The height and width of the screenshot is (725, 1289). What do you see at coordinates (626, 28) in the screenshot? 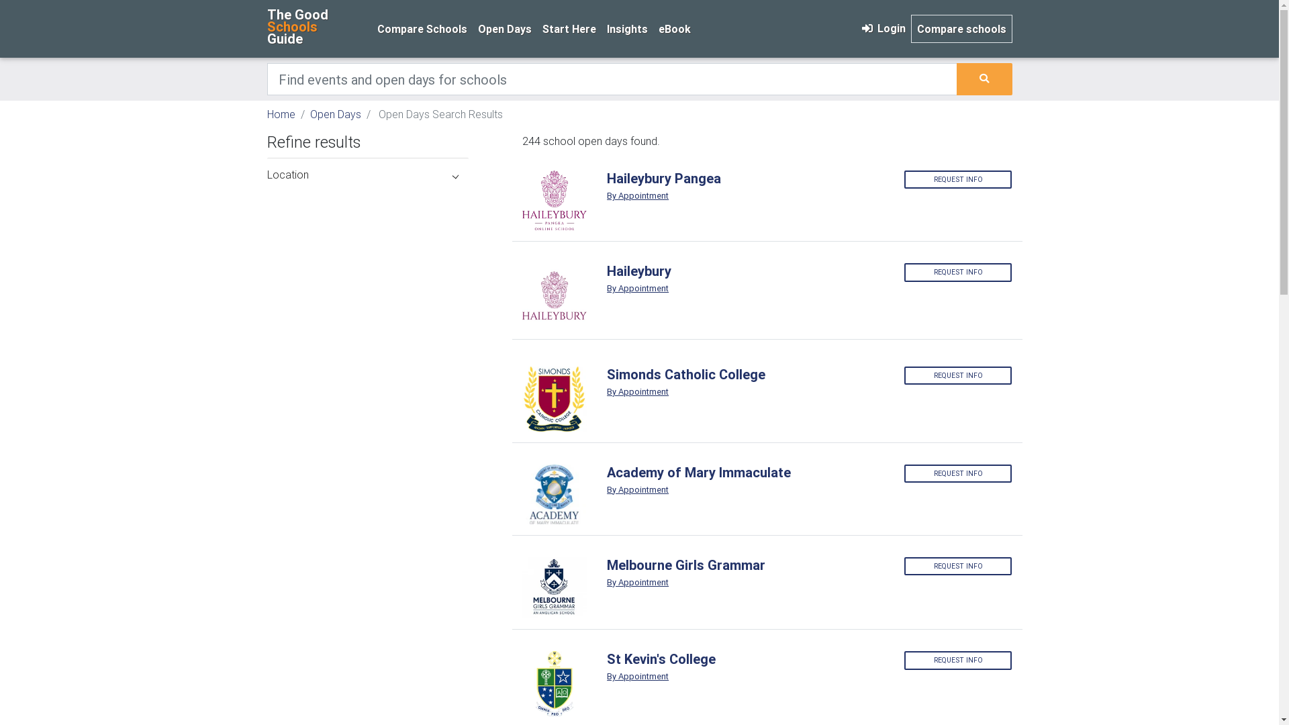
I see `'Insights'` at bounding box center [626, 28].